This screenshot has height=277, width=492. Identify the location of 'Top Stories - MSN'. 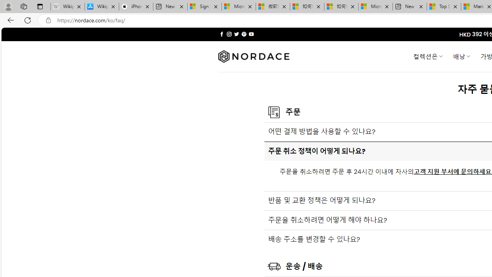
(444, 7).